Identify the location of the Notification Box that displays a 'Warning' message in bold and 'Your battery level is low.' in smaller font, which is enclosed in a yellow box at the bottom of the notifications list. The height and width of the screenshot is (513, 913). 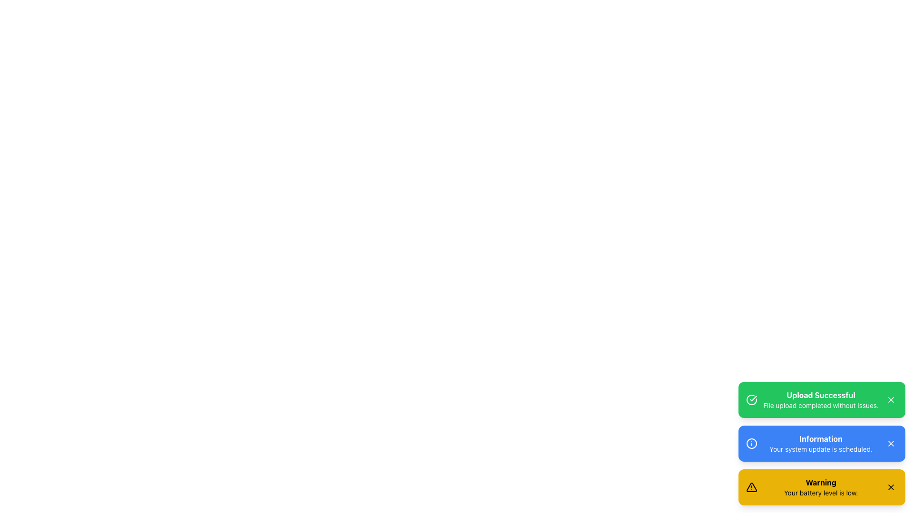
(820, 487).